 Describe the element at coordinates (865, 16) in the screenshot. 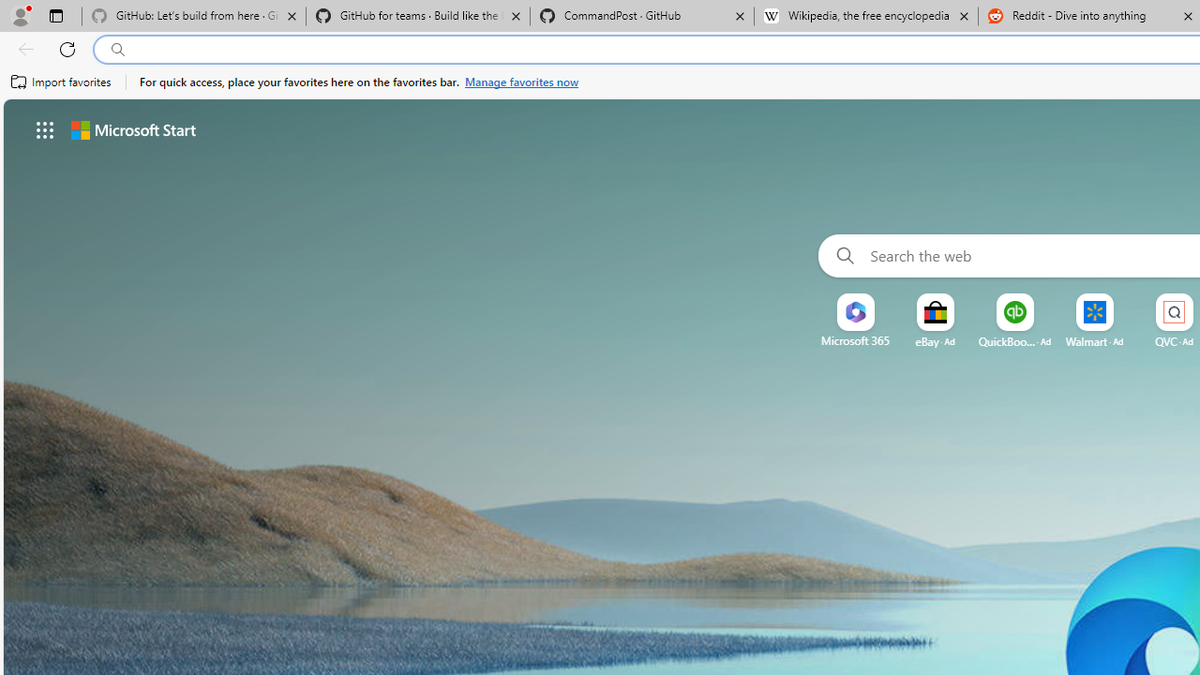

I see `'Wikipedia, the free encyclopedia'` at that location.